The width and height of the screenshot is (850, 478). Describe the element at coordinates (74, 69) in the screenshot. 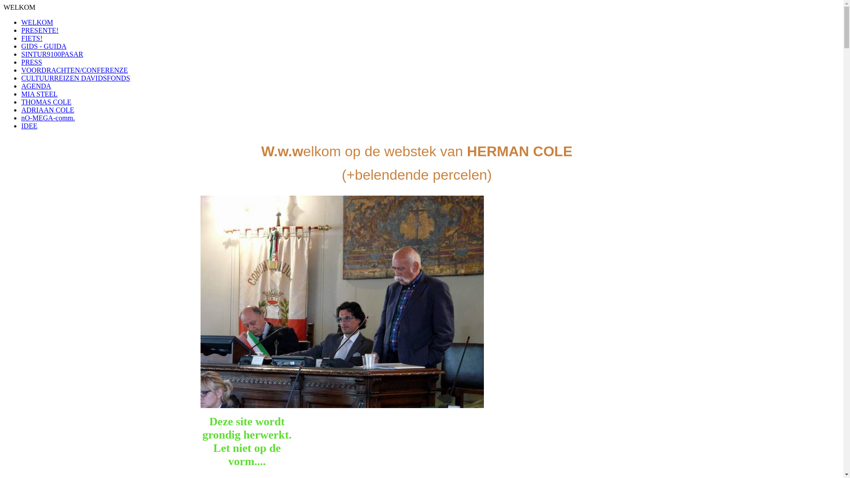

I see `'VOORDRACHTEN/CONFERENZE'` at that location.